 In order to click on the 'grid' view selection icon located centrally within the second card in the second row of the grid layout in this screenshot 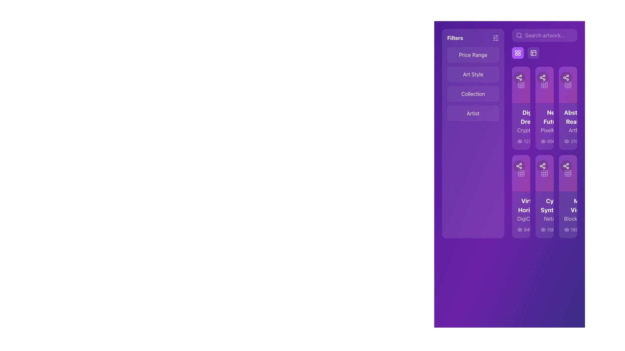, I will do `click(545, 84)`.